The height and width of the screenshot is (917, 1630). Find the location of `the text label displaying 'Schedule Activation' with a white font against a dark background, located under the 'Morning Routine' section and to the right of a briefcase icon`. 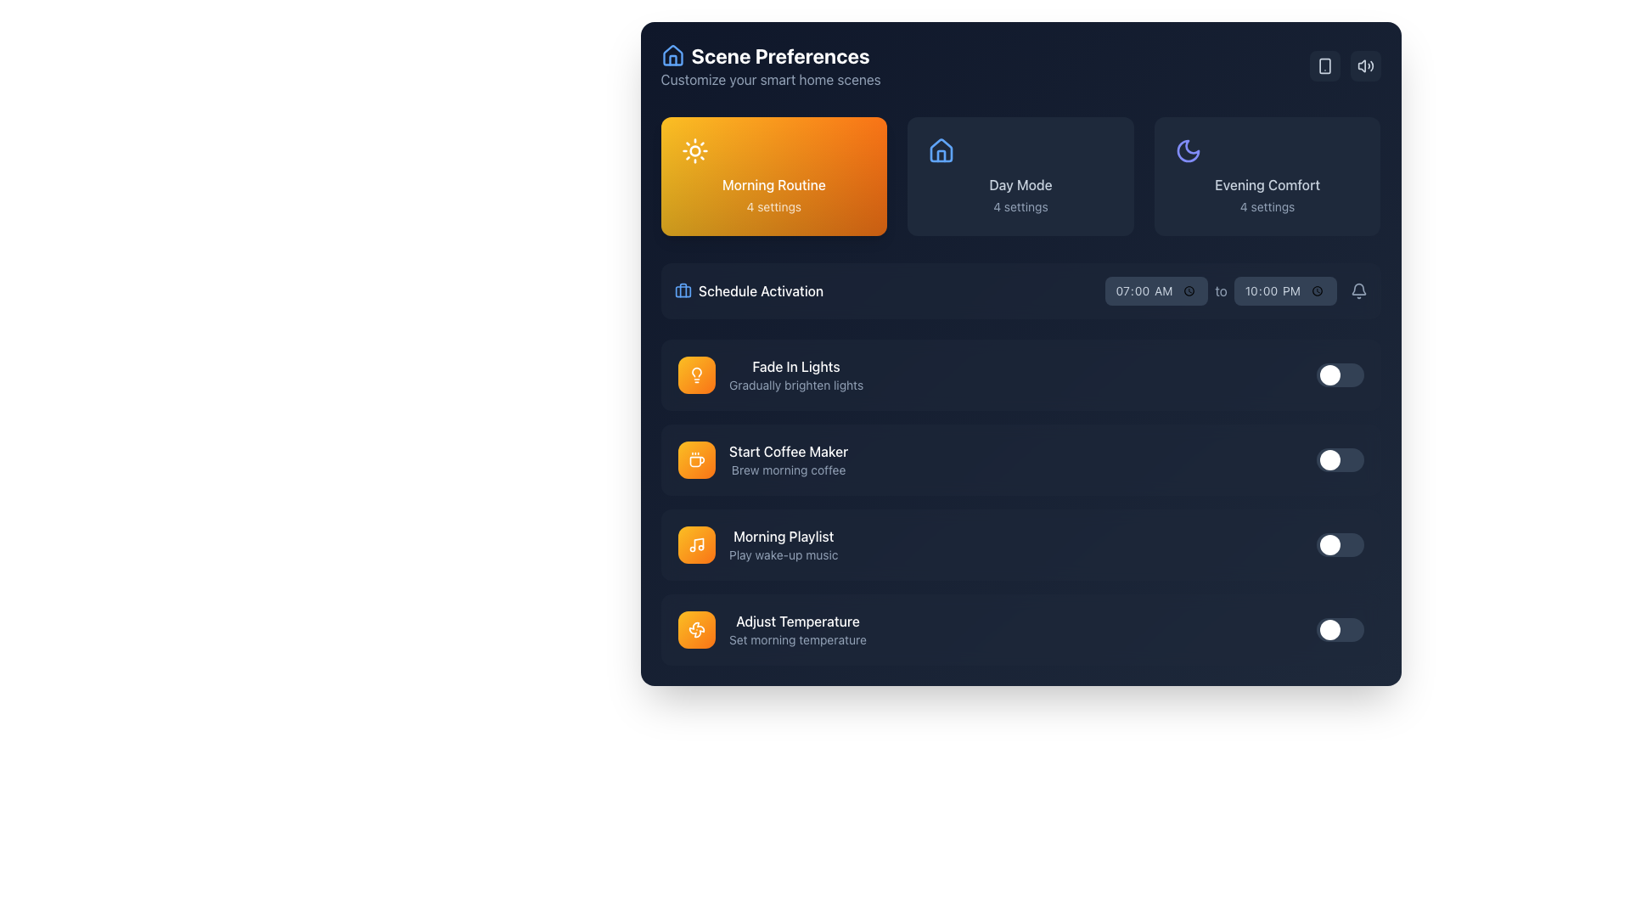

the text label displaying 'Schedule Activation' with a white font against a dark background, located under the 'Morning Routine' section and to the right of a briefcase icon is located at coordinates (760, 290).